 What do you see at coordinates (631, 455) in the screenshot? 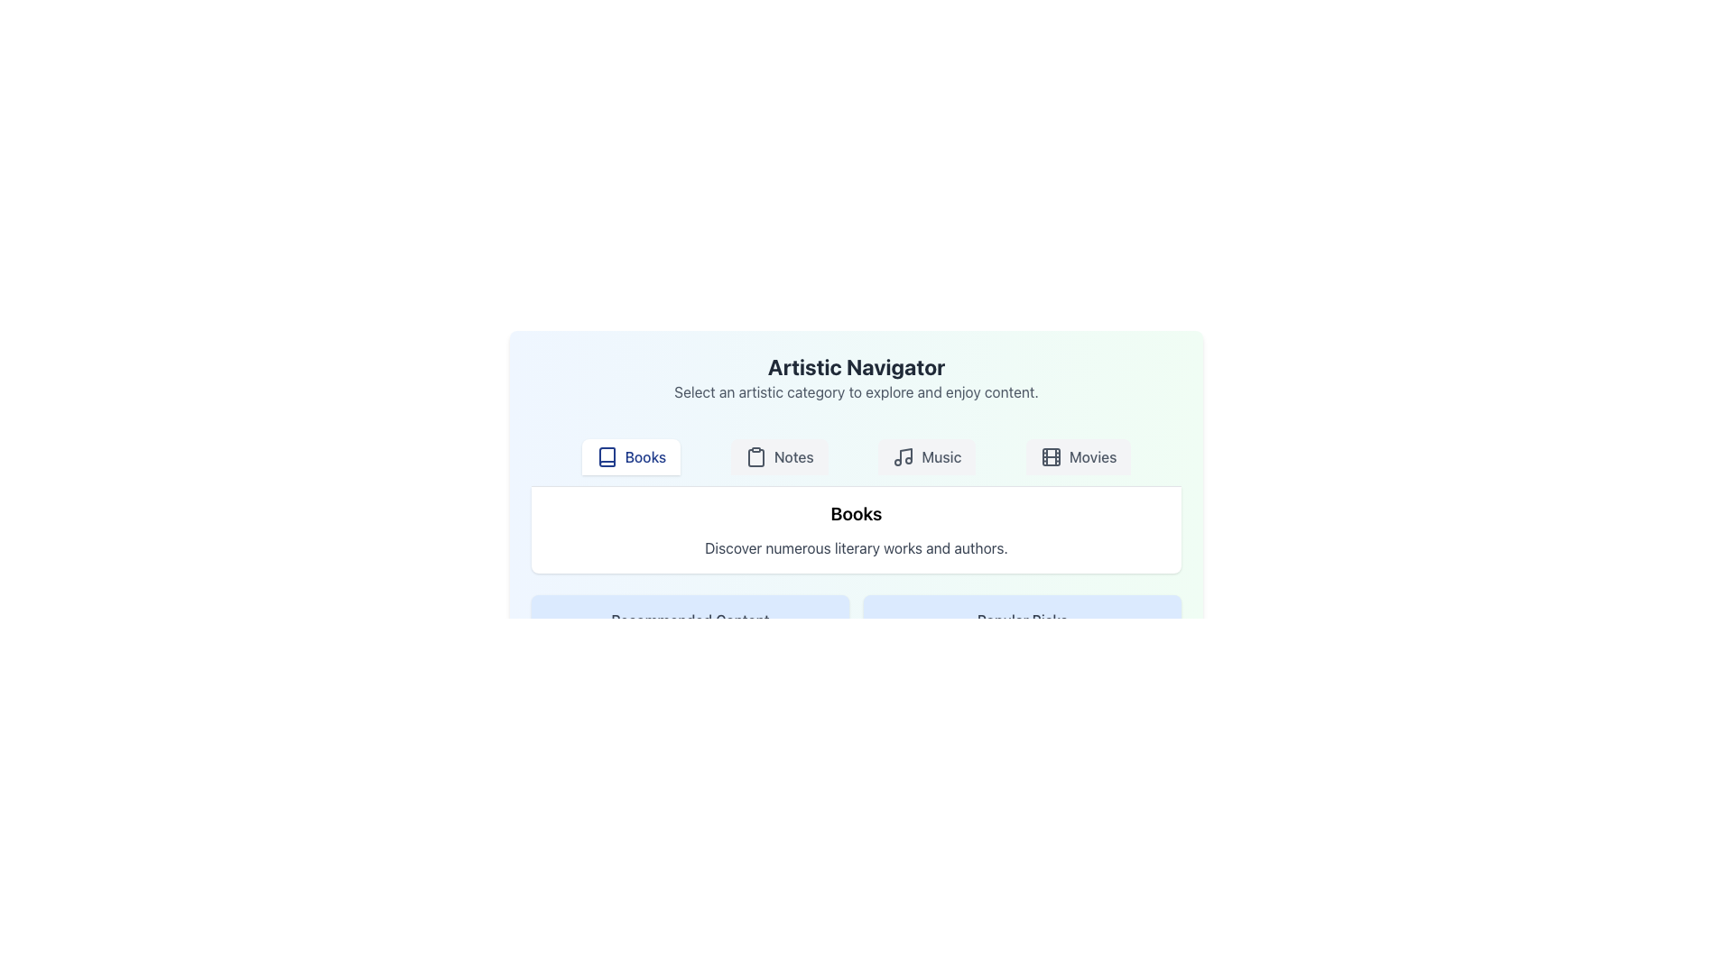
I see `the first button labeled 'Books' located below the heading 'Artistic Navigator'` at bounding box center [631, 455].